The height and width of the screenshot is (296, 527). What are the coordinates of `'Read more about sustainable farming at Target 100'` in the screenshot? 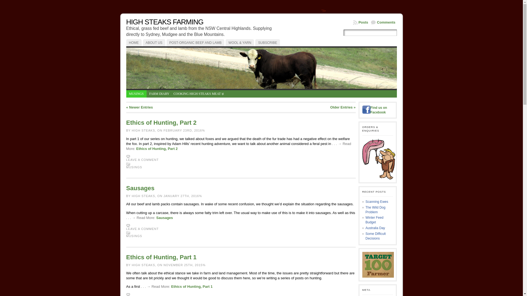 It's located at (362, 264).